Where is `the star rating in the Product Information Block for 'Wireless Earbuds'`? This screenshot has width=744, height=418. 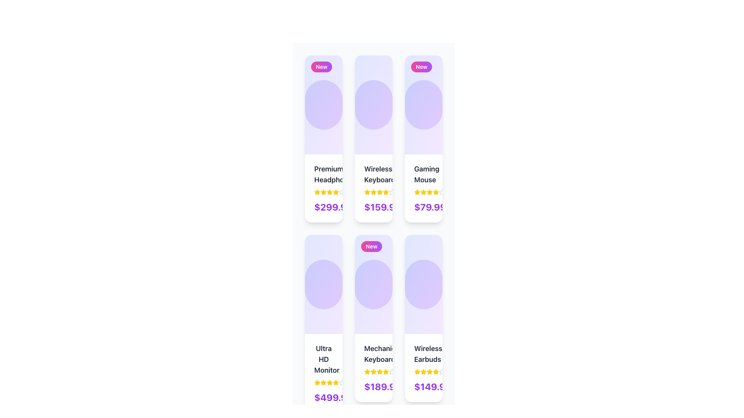
the star rating in the Product Information Block for 'Wireless Earbuds' is located at coordinates (423, 368).